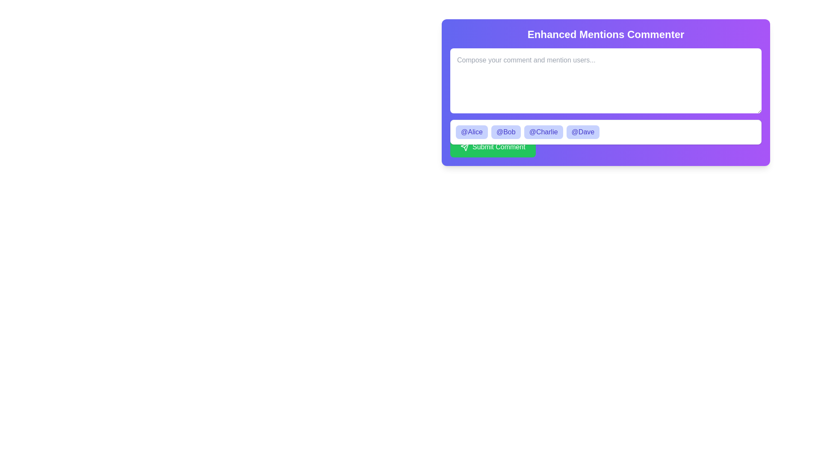 This screenshot has height=462, width=821. Describe the element at coordinates (455, 128) in the screenshot. I see `the circle element within the SVG representation of a smiling face icon, which is centered in the mention tag interface` at that location.